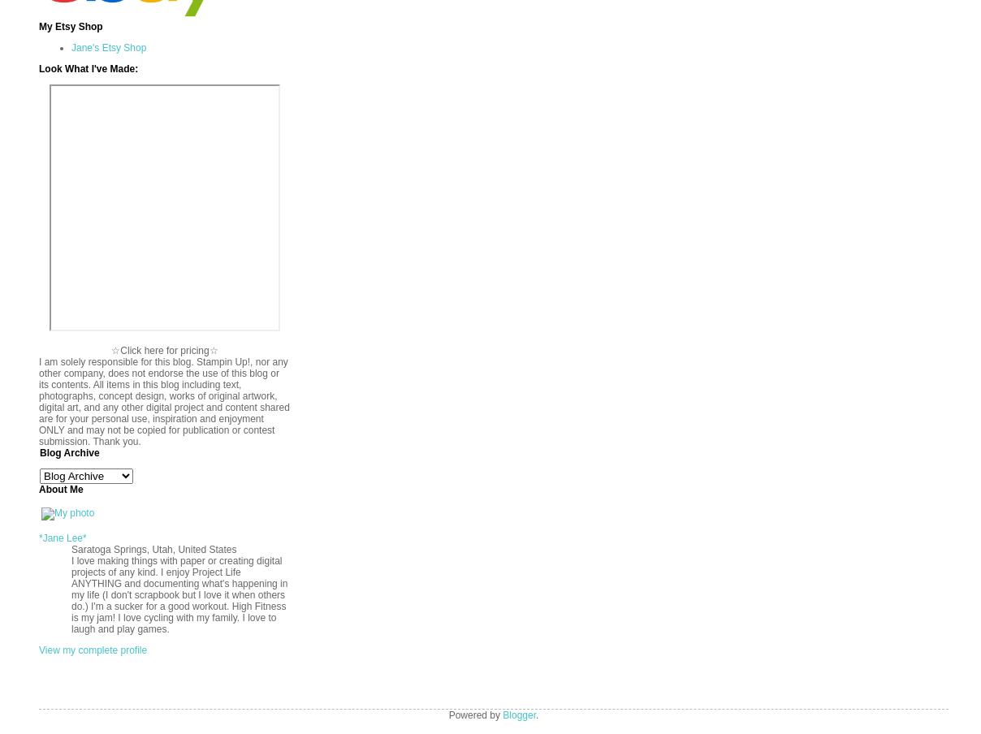 The width and height of the screenshot is (981, 734). Describe the element at coordinates (37, 68) in the screenshot. I see `'Look What I've Made:'` at that location.